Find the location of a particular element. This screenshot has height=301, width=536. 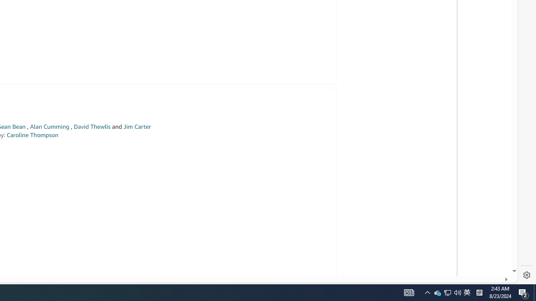

'David Thewlis' is located at coordinates (92, 127).